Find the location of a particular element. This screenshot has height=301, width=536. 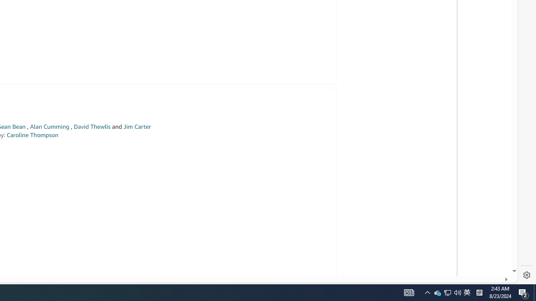

'David Thewlis' is located at coordinates (92, 127).